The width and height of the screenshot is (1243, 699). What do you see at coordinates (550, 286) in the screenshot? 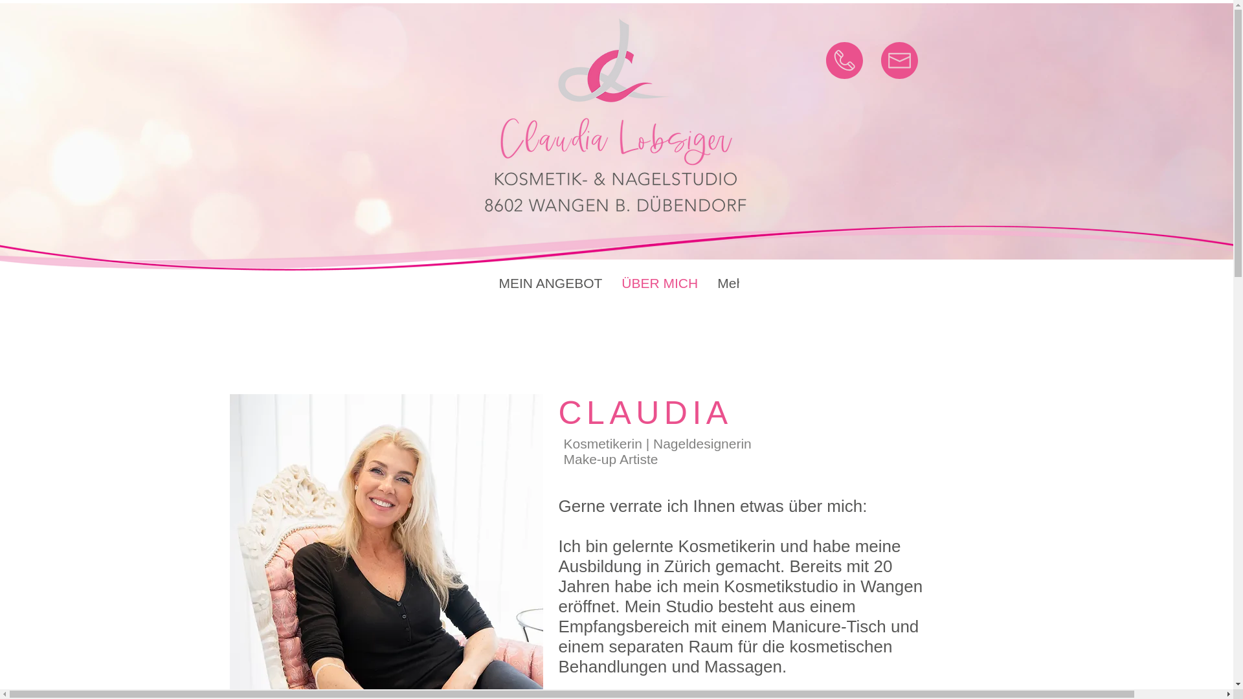
I see `'MEIN ANGEBOT'` at bounding box center [550, 286].